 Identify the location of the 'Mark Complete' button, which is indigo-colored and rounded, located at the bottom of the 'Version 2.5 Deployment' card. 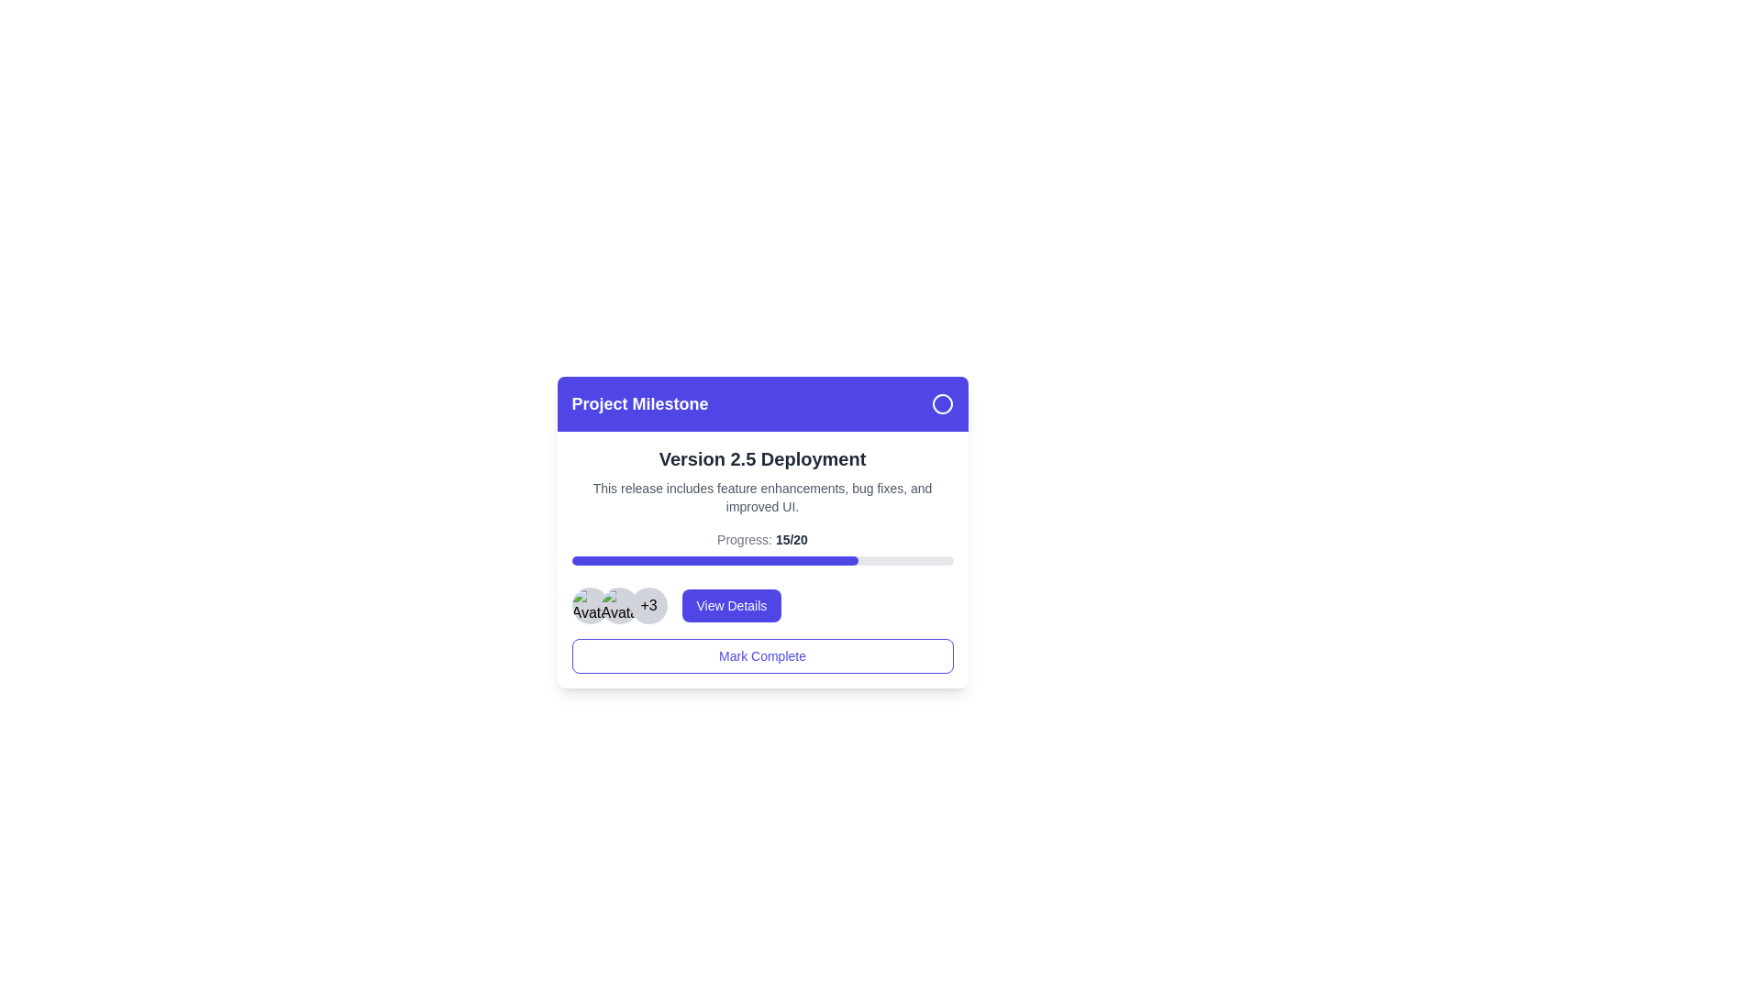
(762, 655).